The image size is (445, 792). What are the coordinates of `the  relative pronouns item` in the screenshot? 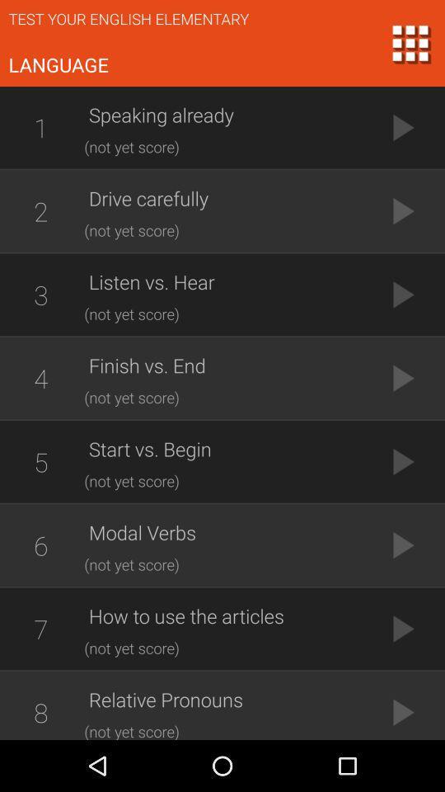 It's located at (226, 699).